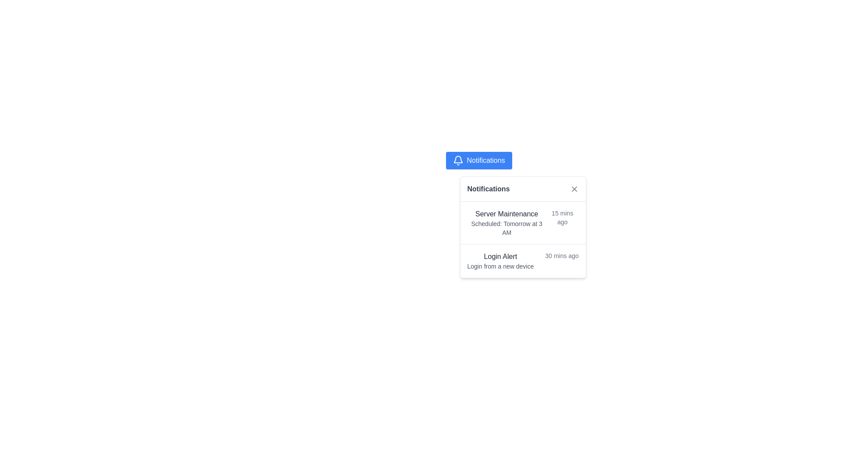 The image size is (842, 474). I want to click on contents of the Text Label that serves as a heading for the individual notification, located near the top-left corner of the notifications panel, so click(507, 214).